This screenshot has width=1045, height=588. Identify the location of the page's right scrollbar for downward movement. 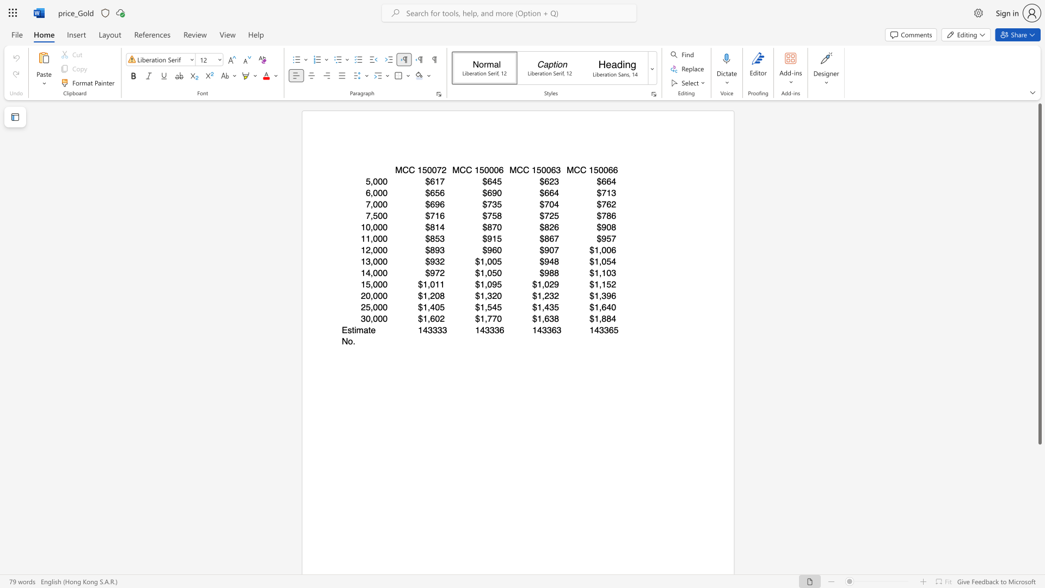
(1039, 473).